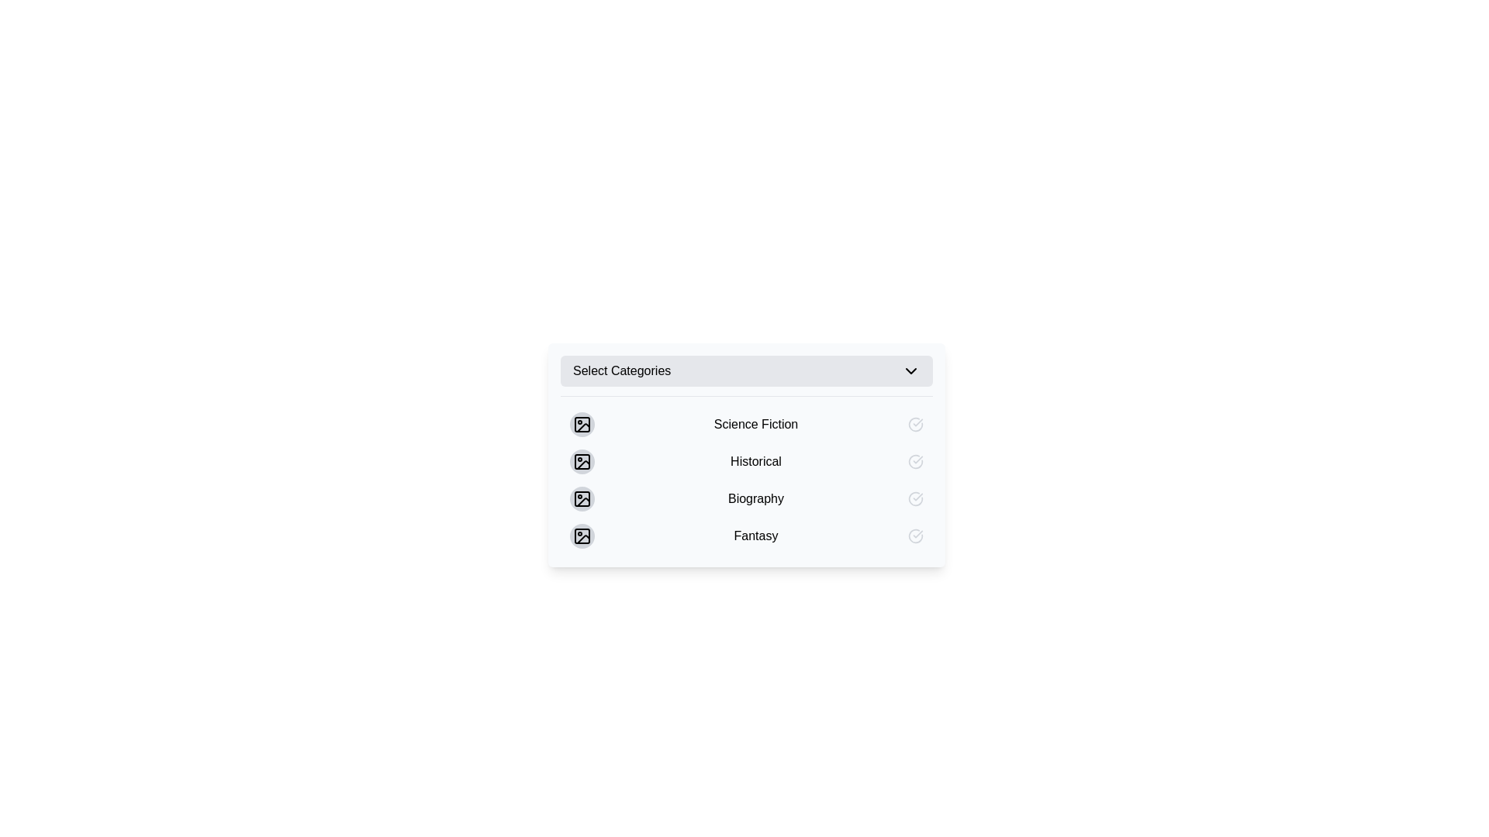 This screenshot has height=837, width=1489. What do you see at coordinates (915, 535) in the screenshot?
I see `the last icon on the right in the 'Fantasy' category row` at bounding box center [915, 535].